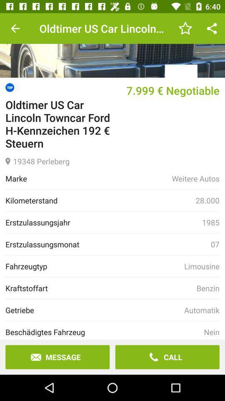 The image size is (225, 401). What do you see at coordinates (210, 222) in the screenshot?
I see `item next to the erstzulassungsjahr item` at bounding box center [210, 222].